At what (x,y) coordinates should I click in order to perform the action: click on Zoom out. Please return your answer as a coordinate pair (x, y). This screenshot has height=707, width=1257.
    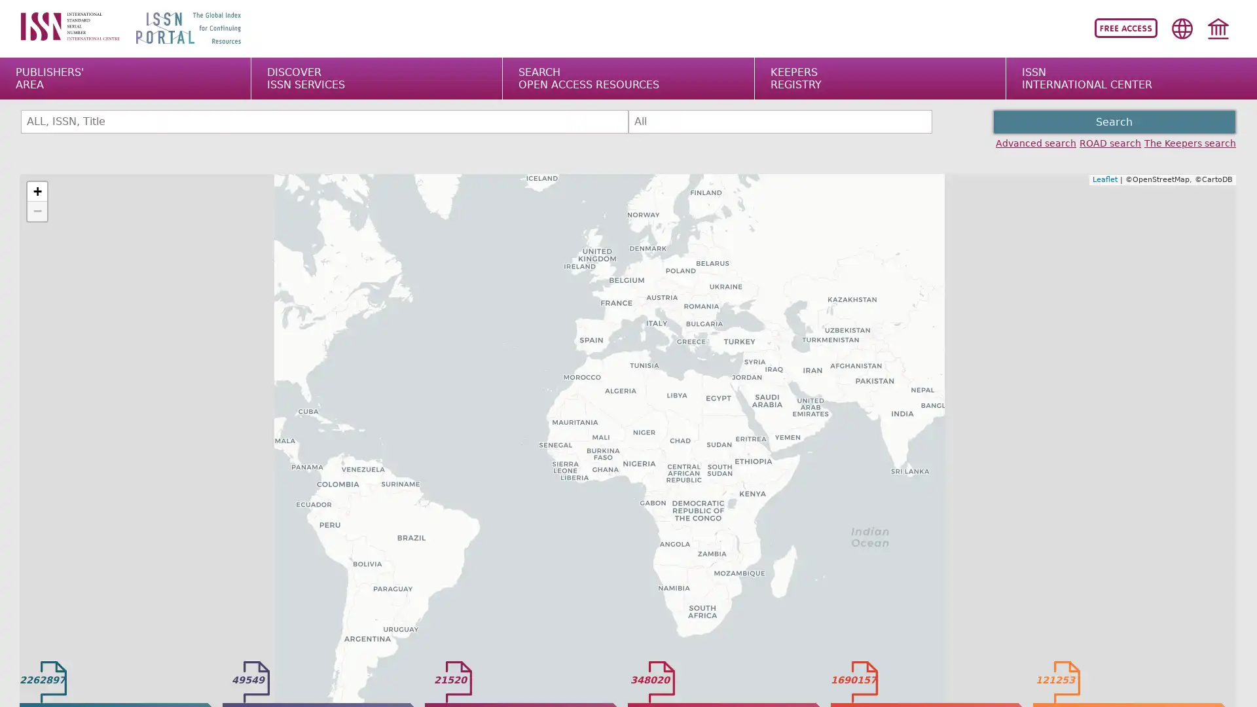
    Looking at the image, I should click on (37, 211).